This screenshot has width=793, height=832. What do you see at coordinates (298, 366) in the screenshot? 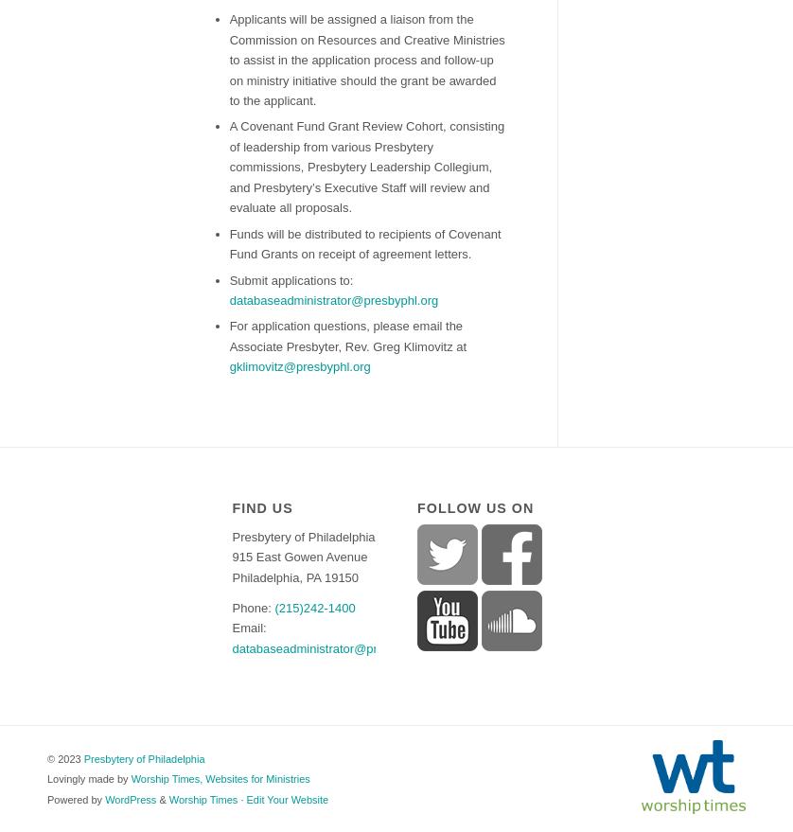
I see `'gklimovitz@presbyphl.org'` at bounding box center [298, 366].